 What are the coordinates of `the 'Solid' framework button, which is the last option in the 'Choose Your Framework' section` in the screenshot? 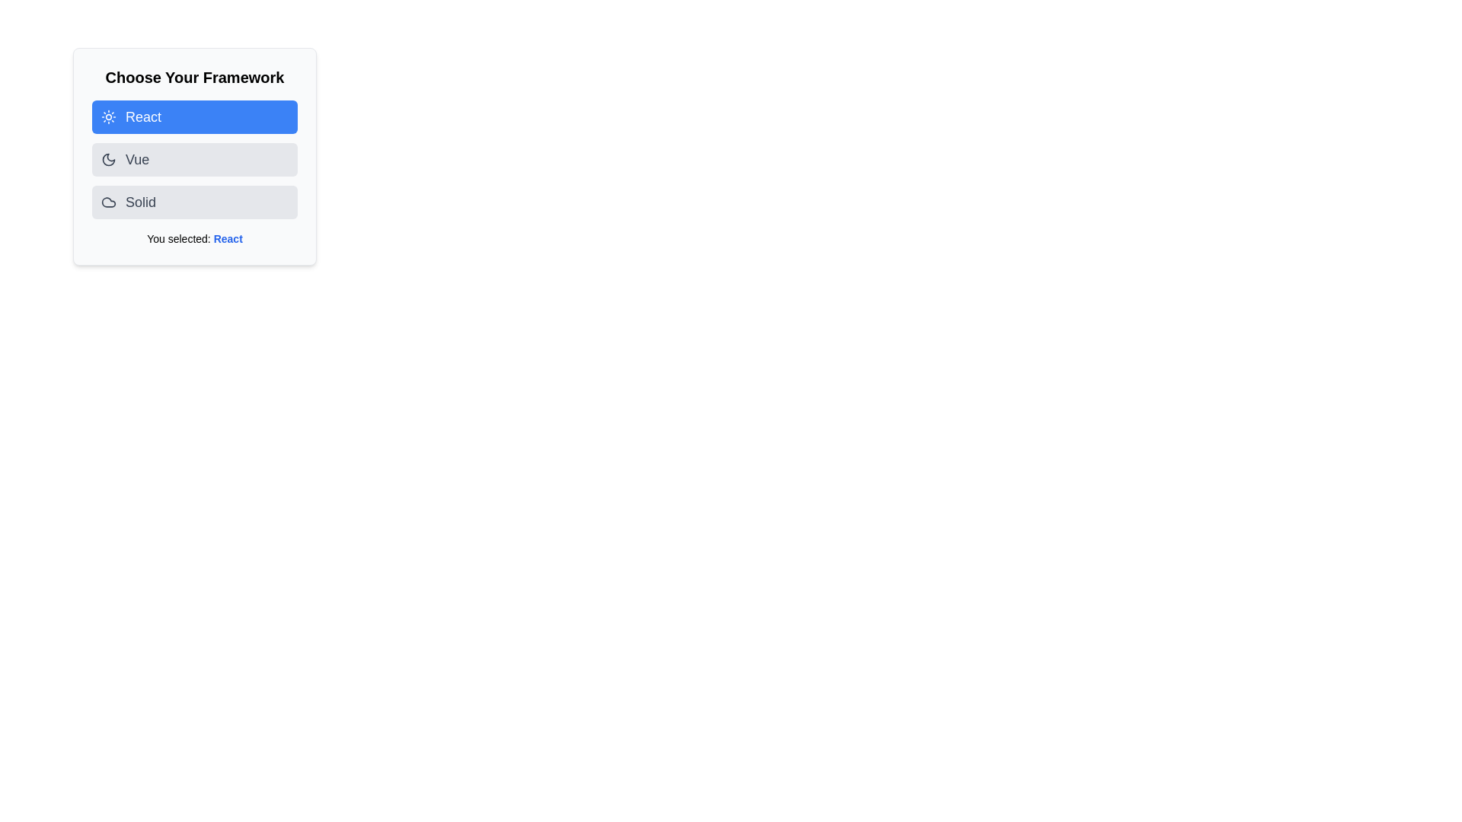 It's located at (193, 202).